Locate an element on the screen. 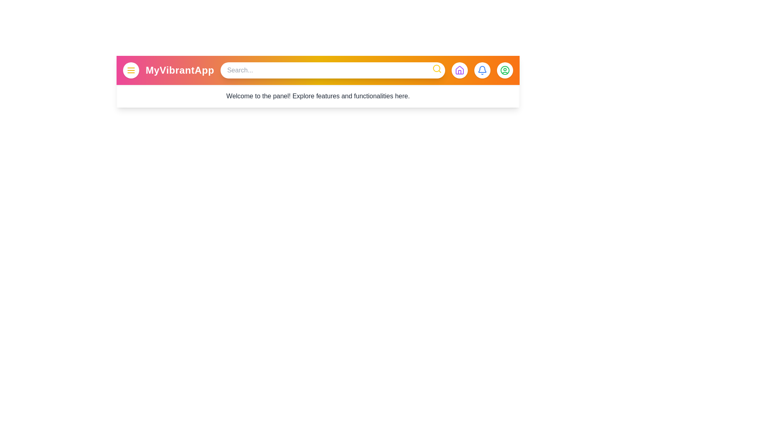 The height and width of the screenshot is (437, 777). the home button to access the home page is located at coordinates (460, 70).